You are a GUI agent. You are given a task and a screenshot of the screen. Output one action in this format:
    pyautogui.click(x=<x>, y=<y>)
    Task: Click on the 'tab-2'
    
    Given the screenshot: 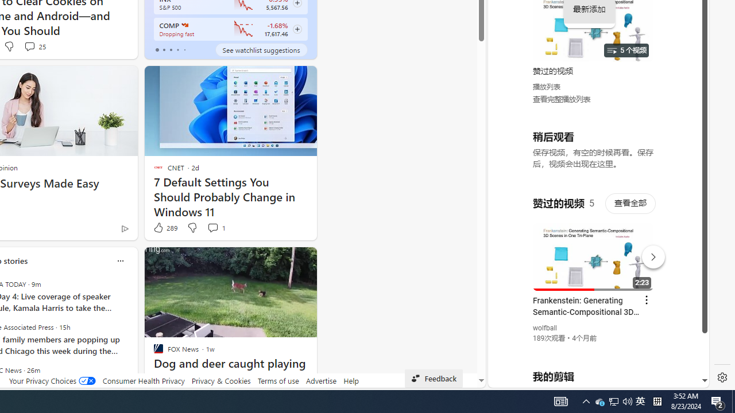 What is the action you would take?
    pyautogui.click(x=170, y=49)
    